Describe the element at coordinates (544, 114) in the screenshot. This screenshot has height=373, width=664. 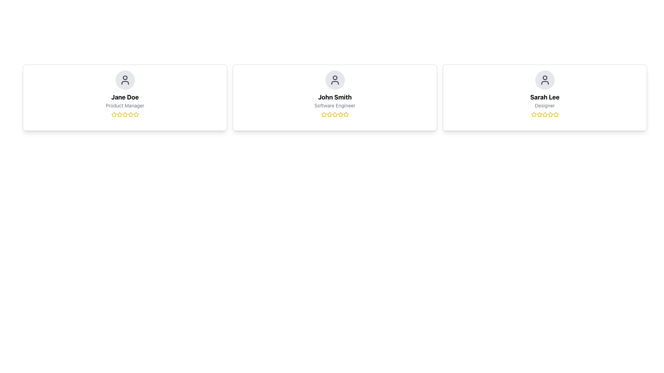
I see `the fourth star icon in the rating section of Sarah Lee's profile` at that location.